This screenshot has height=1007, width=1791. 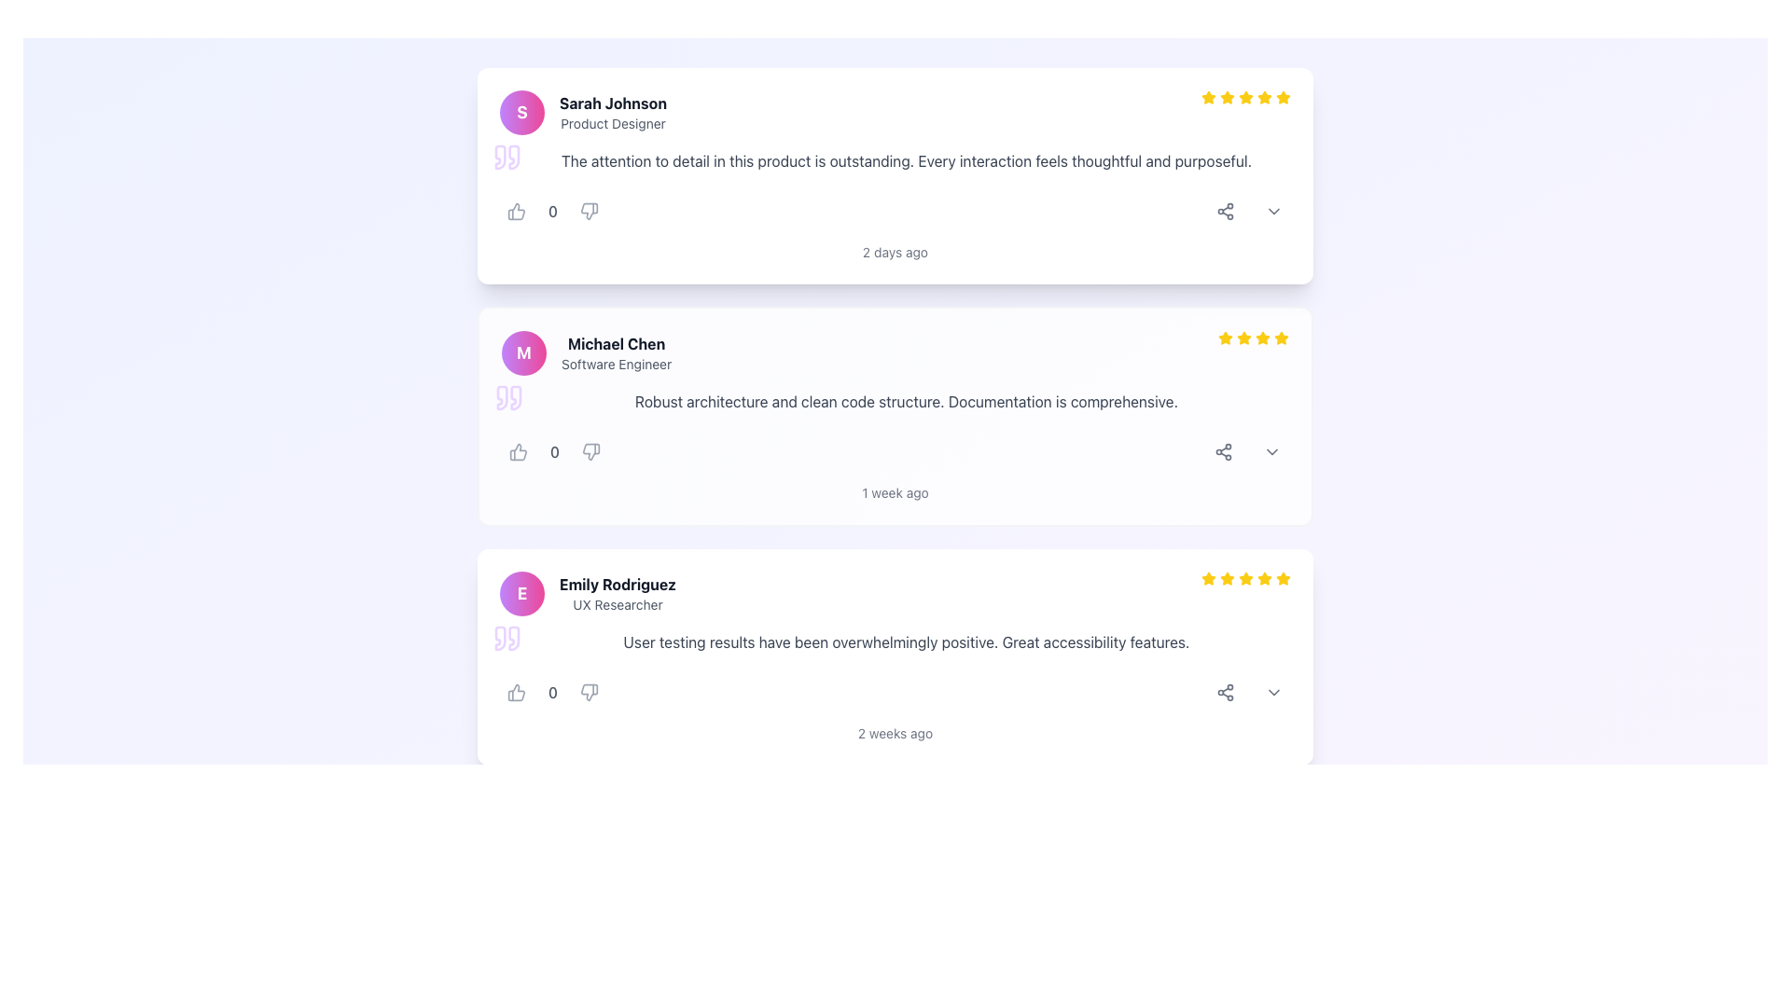 I want to click on the numeric display showing the count of feedback (likes/dislikes) for user 'Sarah Johnson', positioned centrally between two icons in the comment panel, so click(x=552, y=211).